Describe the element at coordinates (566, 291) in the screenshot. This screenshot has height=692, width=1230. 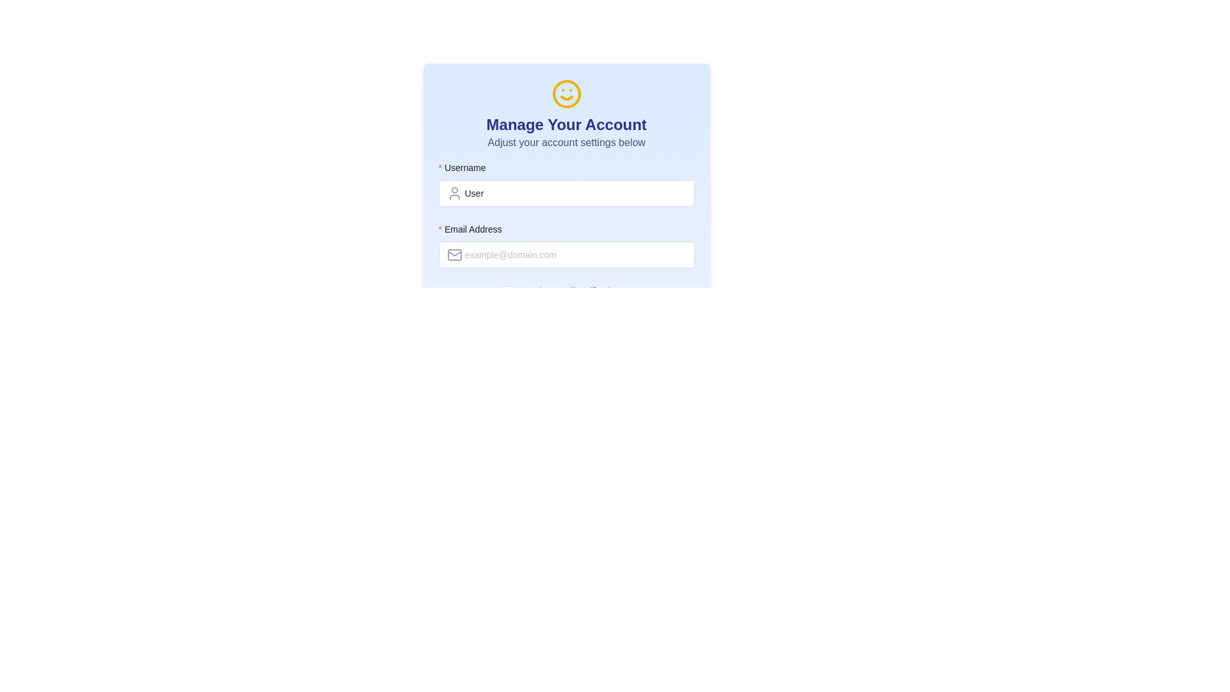
I see `the checkbox located below the 'Email Address' input field and above the 'Save Changes' button in the 'Manage Your Account' section` at that location.